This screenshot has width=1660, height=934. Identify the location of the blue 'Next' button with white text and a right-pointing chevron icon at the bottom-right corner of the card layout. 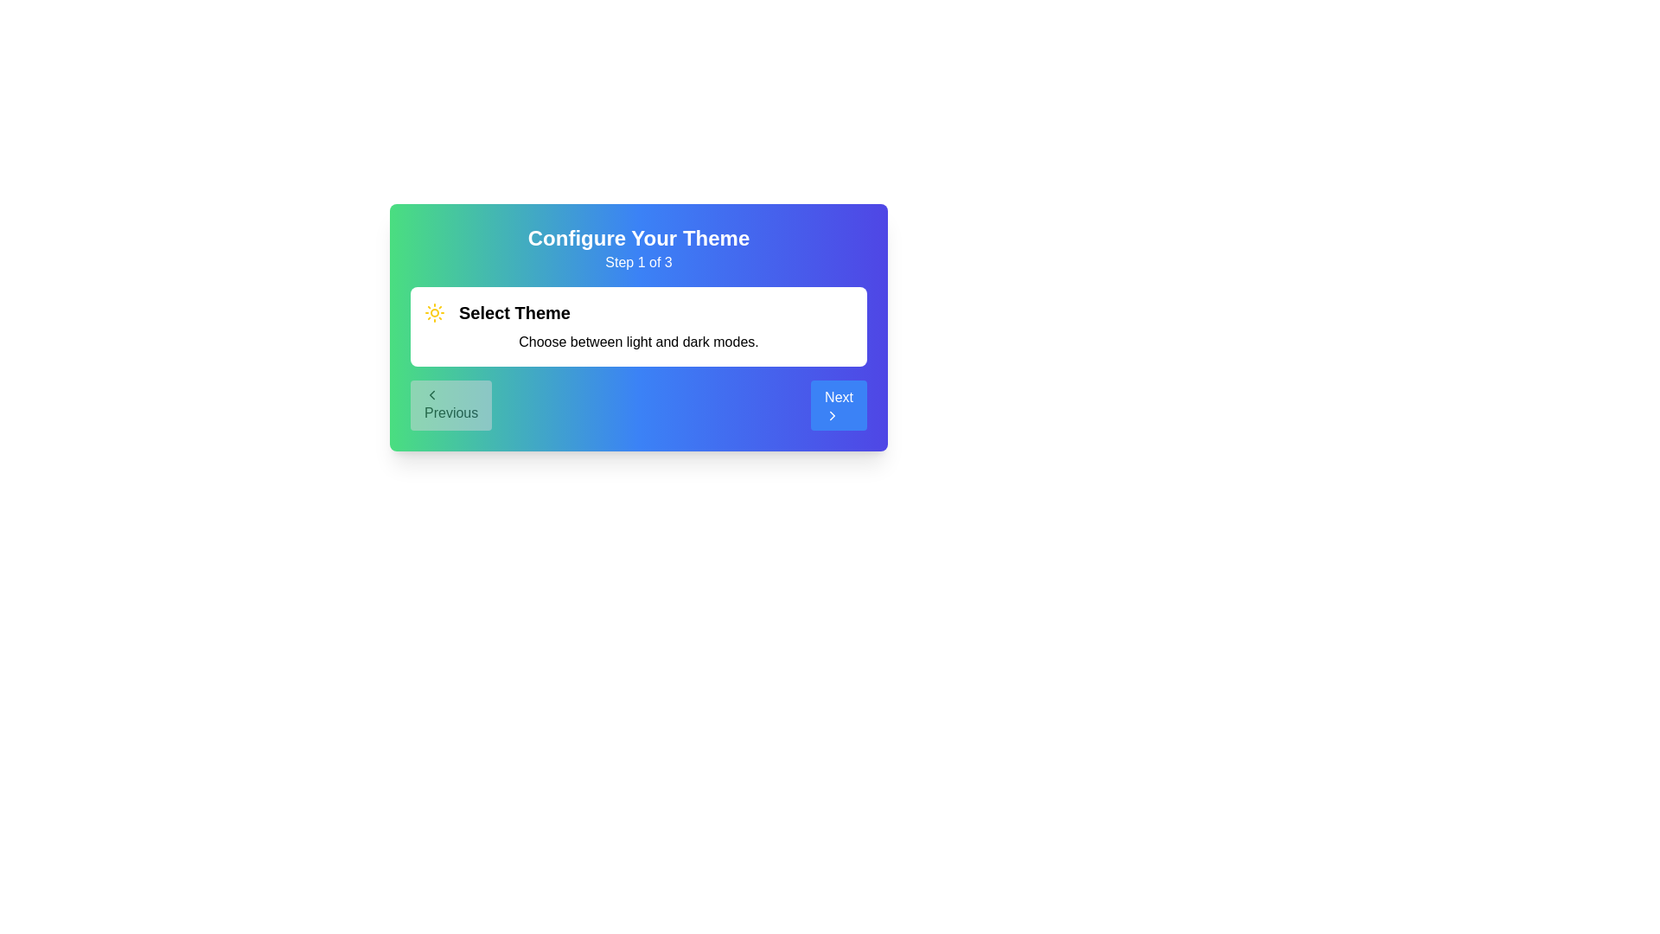
(839, 406).